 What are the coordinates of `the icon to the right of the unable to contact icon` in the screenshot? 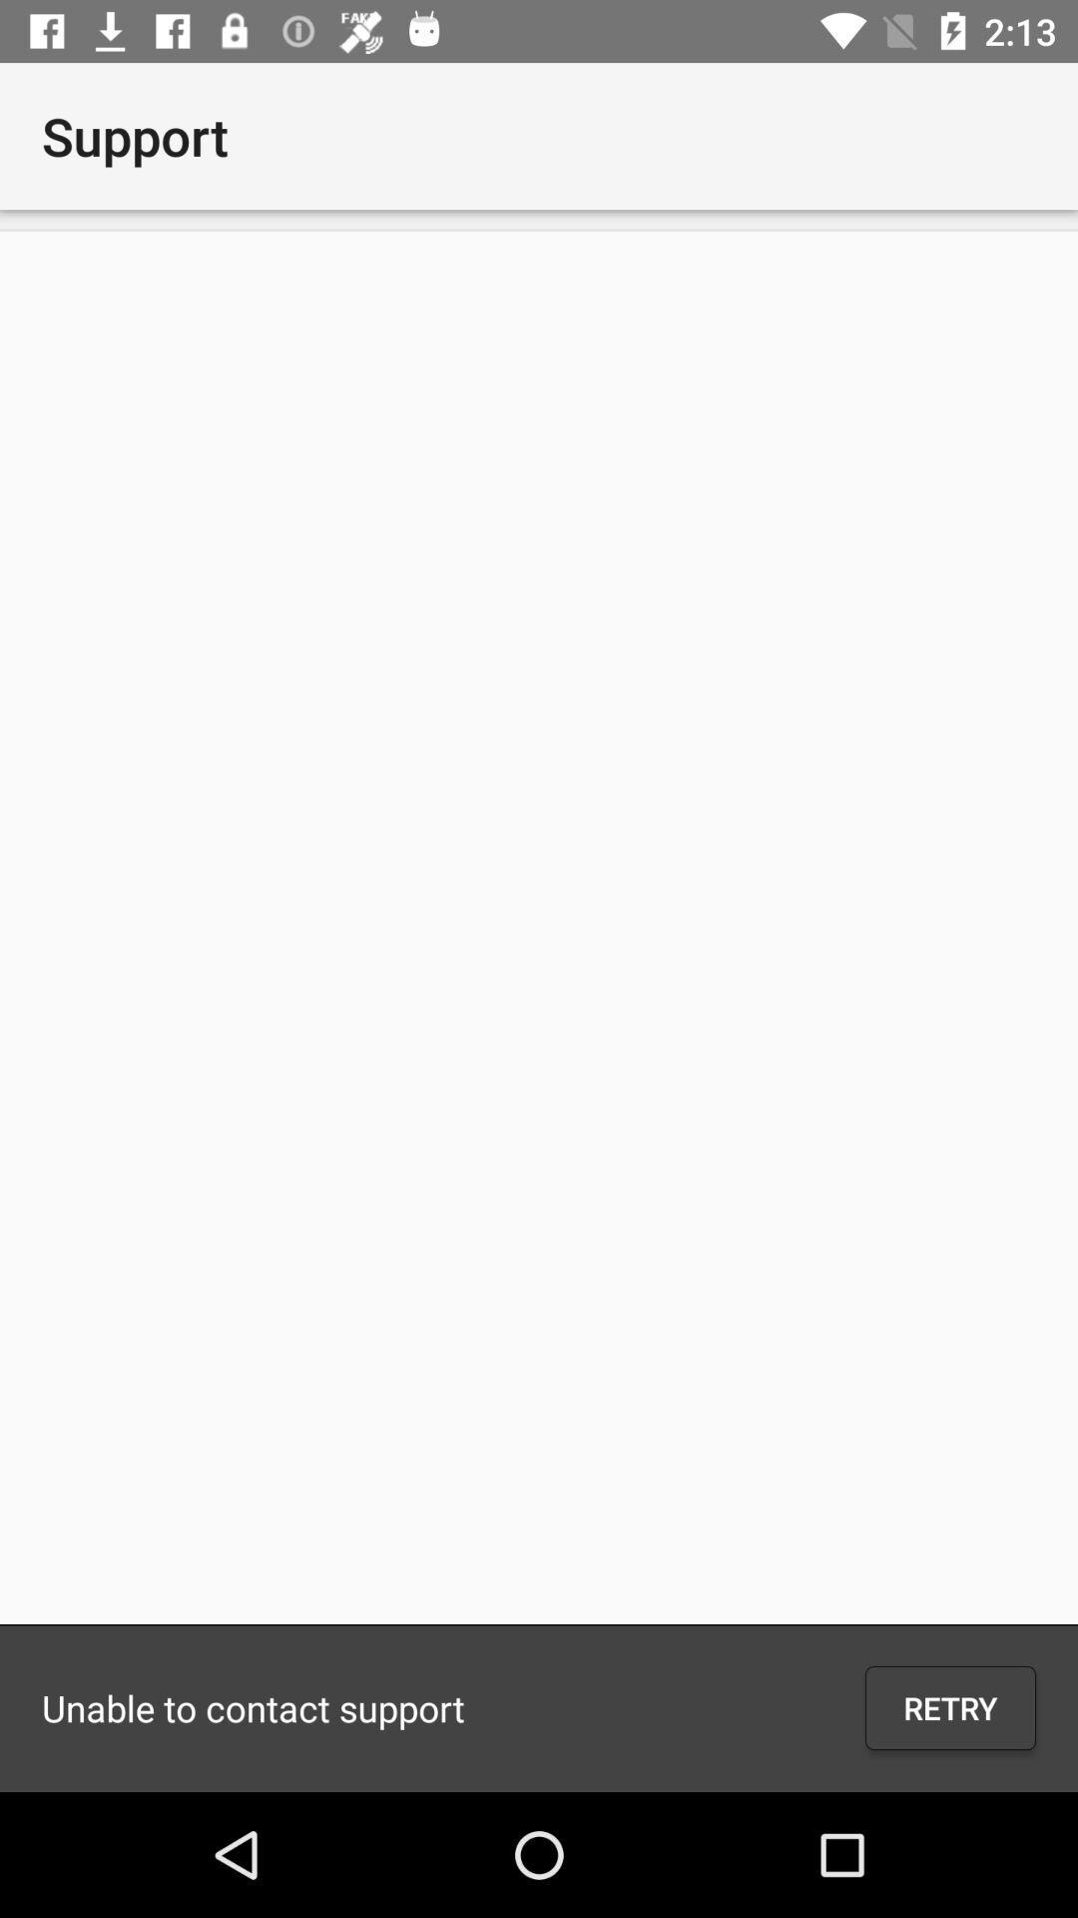 It's located at (949, 1706).